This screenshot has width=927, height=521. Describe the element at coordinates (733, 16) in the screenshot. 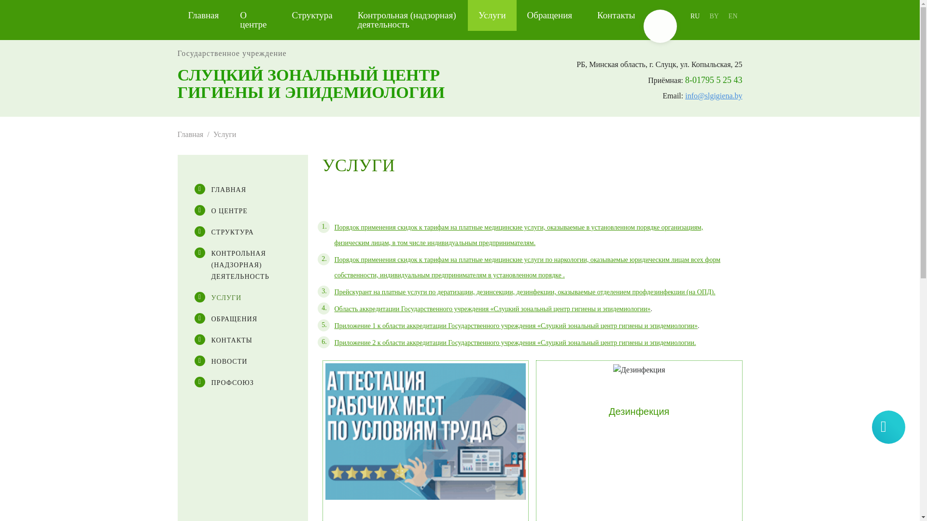

I see `'EN'` at that location.